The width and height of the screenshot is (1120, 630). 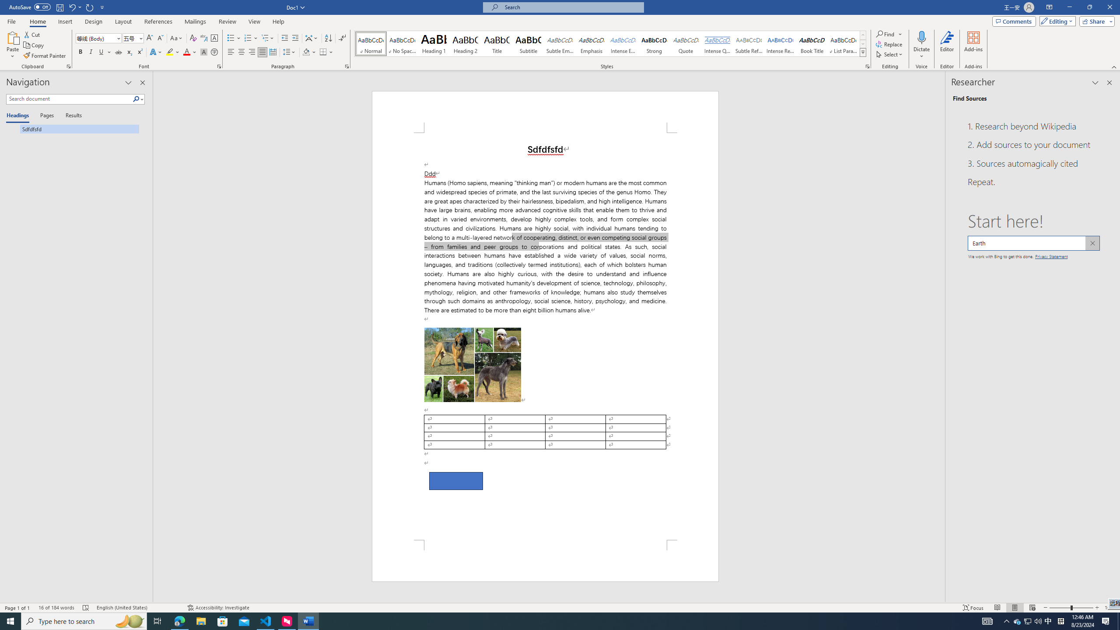 What do you see at coordinates (610, 43) in the screenshot?
I see `'AutomationID: QuickStylesGallery'` at bounding box center [610, 43].